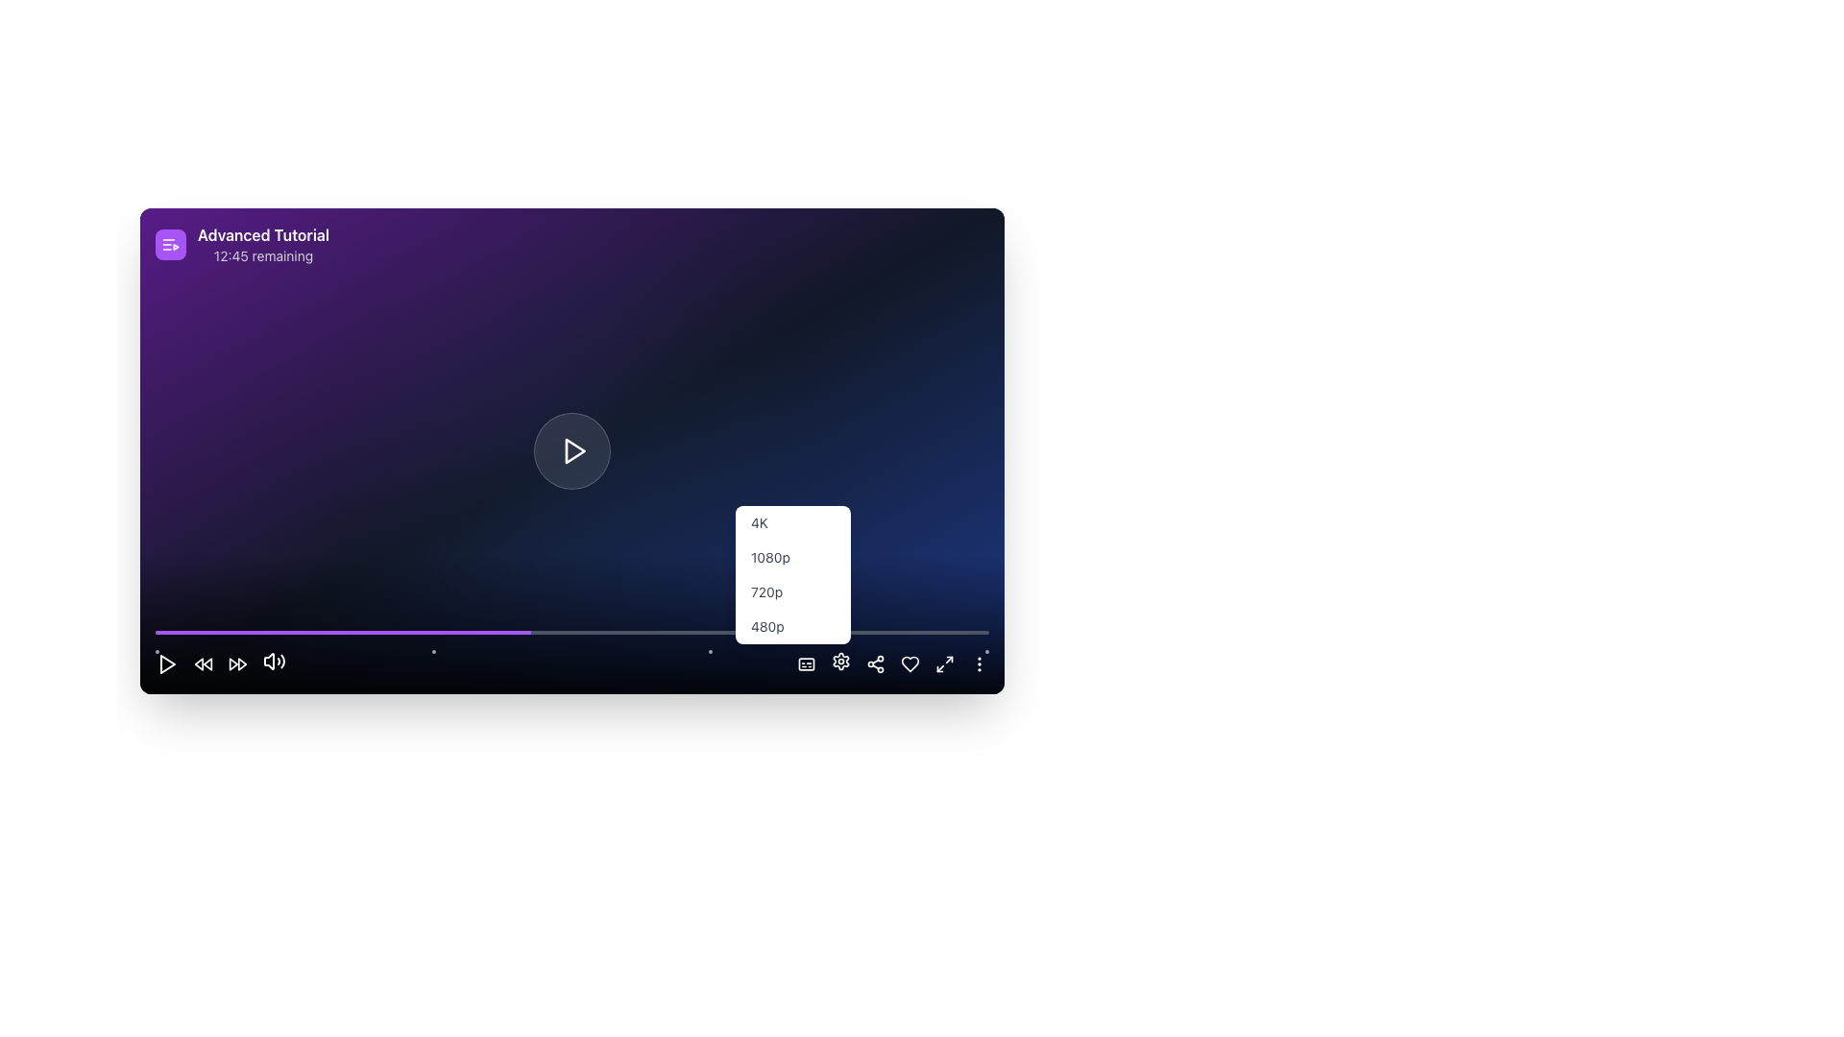 The width and height of the screenshot is (1844, 1037). I want to click on the '4K' resolution button located at the top of the resolution options dropdown menu, so click(792, 522).